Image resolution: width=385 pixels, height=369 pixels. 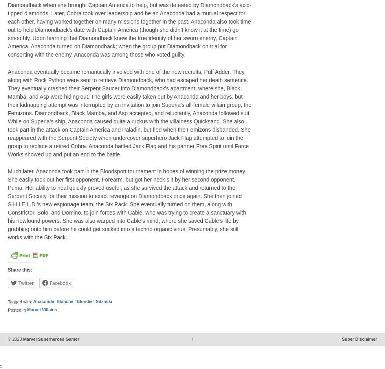 I want to click on 'Posted in', so click(x=17, y=309).